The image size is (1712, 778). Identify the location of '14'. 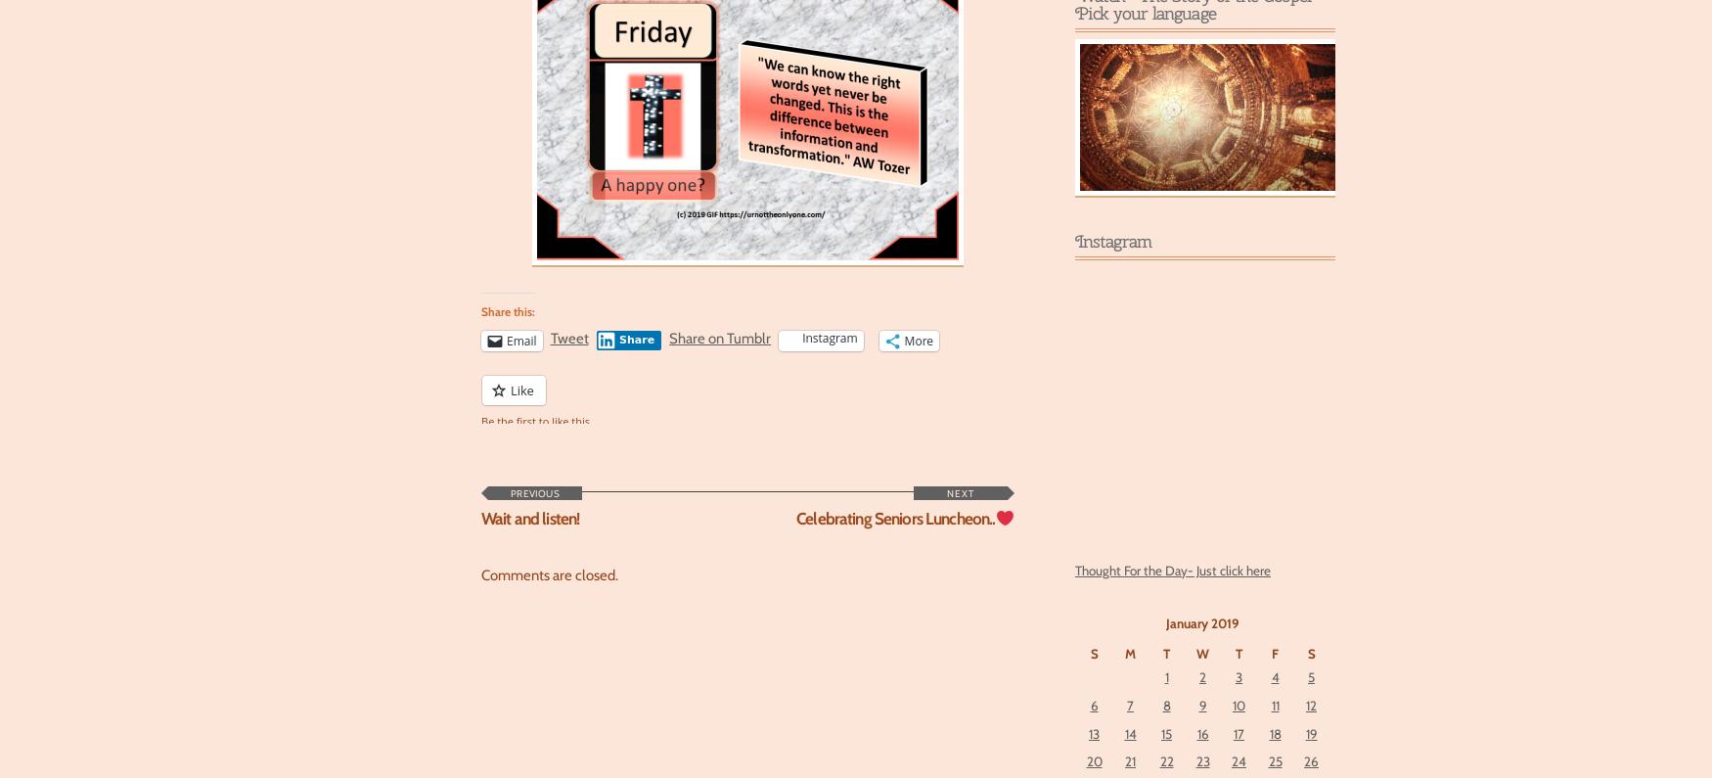
(1129, 731).